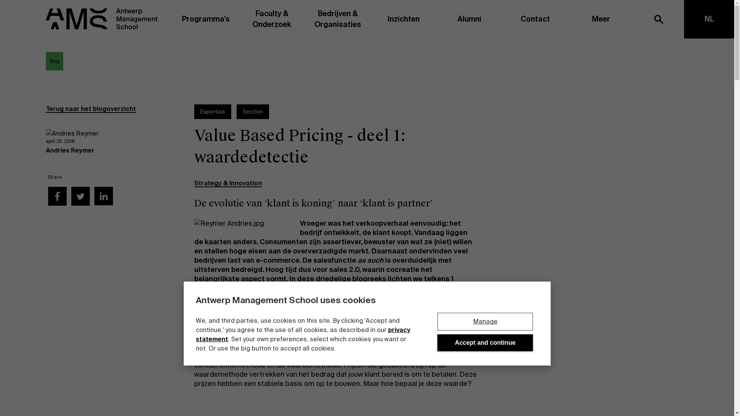  I want to click on 'Manage', so click(484, 321).